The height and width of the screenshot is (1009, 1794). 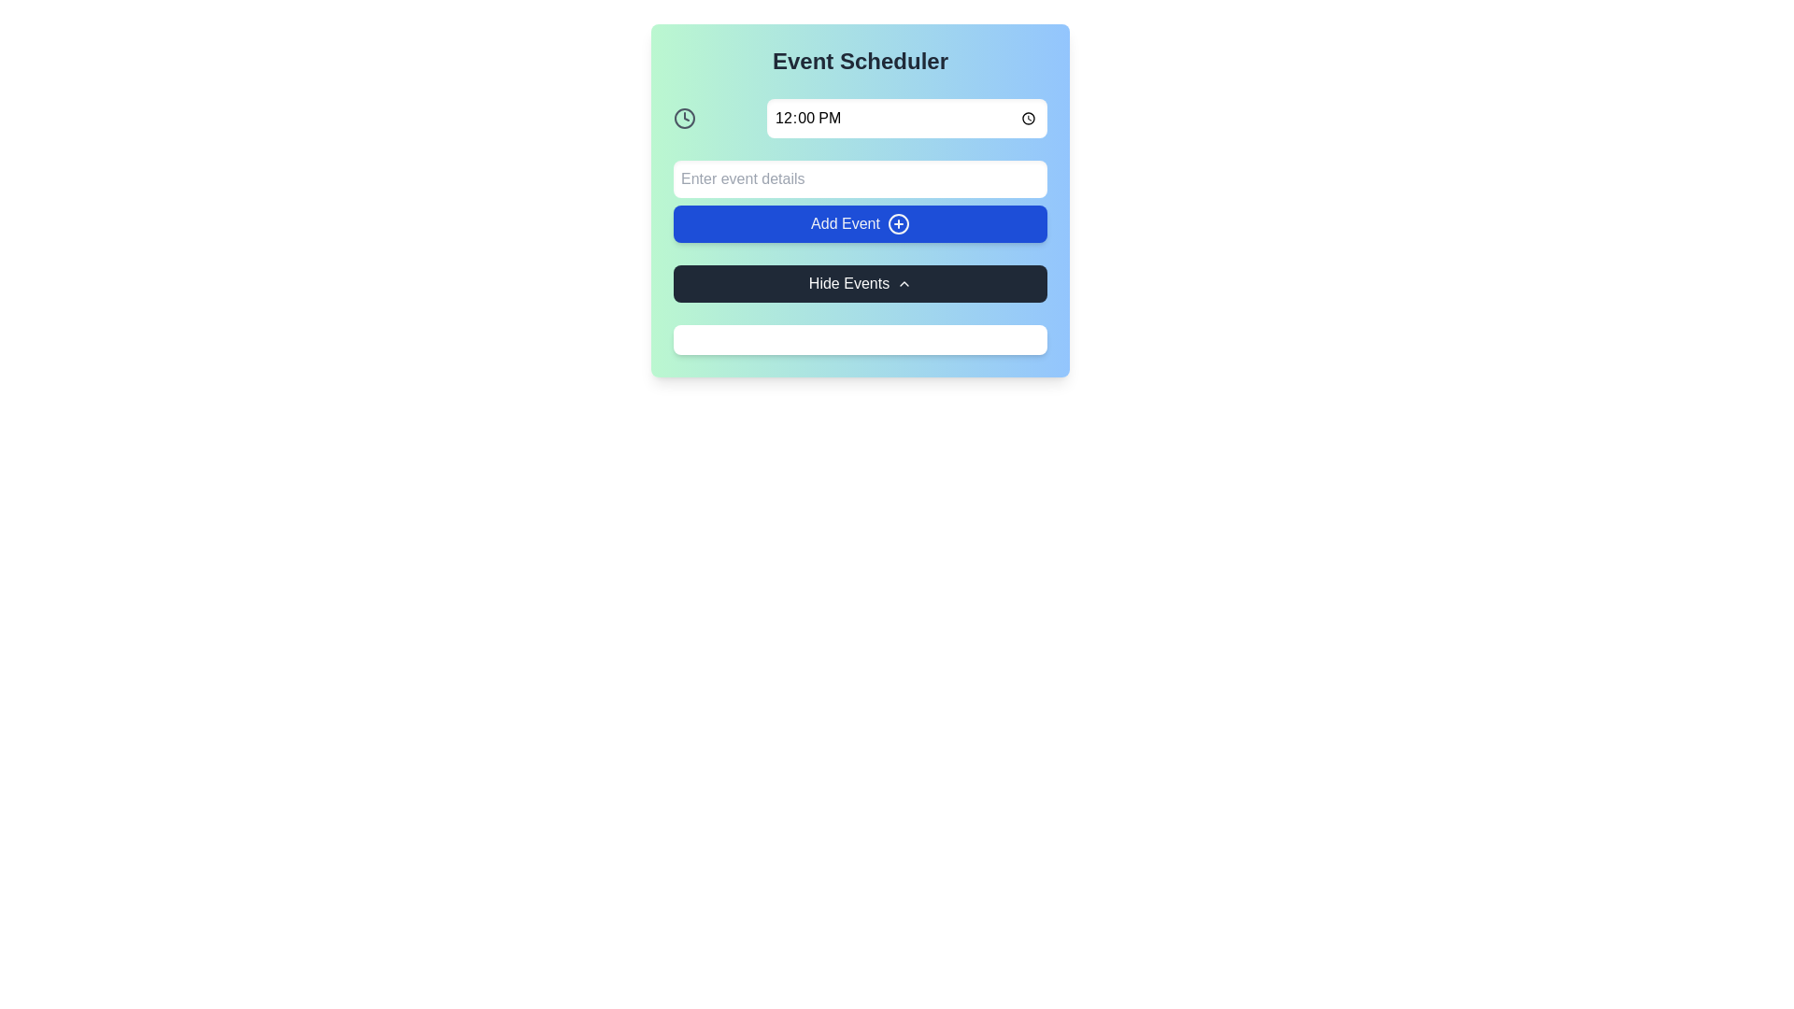 I want to click on the circular icon with a plus sign located within the 'Add Event' button, positioned centrally towards the right end of the button's text for accessibility actions, so click(x=898, y=222).